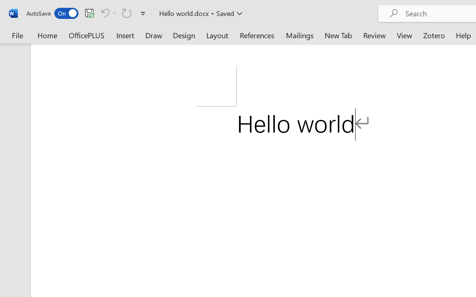  What do you see at coordinates (104, 13) in the screenshot?
I see `'Can'` at bounding box center [104, 13].